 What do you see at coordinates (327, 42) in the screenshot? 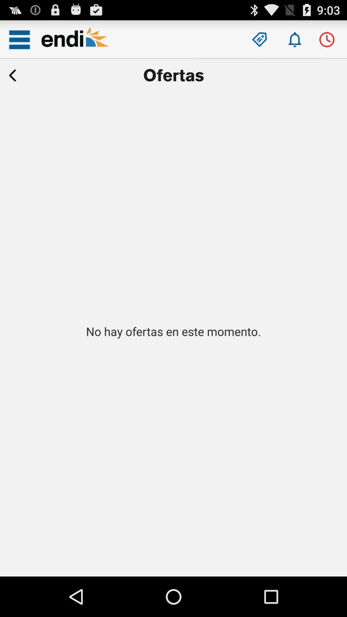
I see `the time icon` at bounding box center [327, 42].